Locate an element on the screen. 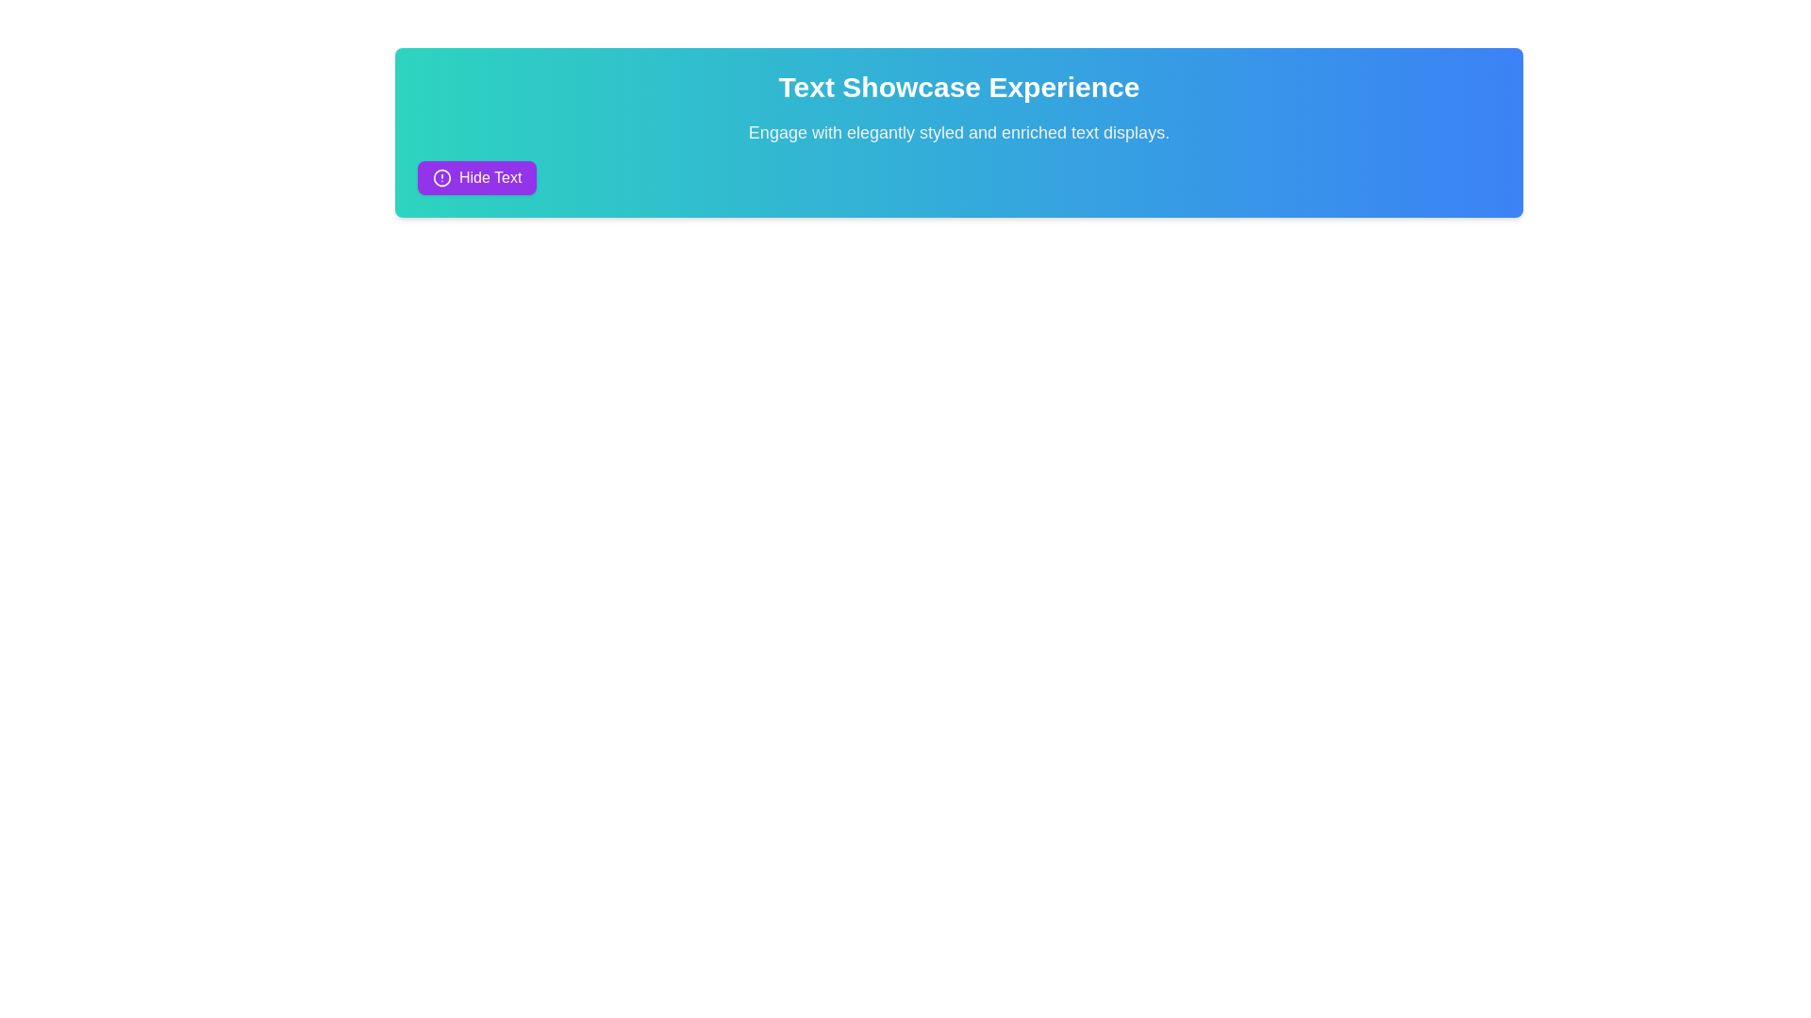 This screenshot has width=1811, height=1018. the 'Hide Text' button, which is a purple rounded button containing the text label and an alert icon, to trigger the opacity transition effect is located at coordinates (490, 178).